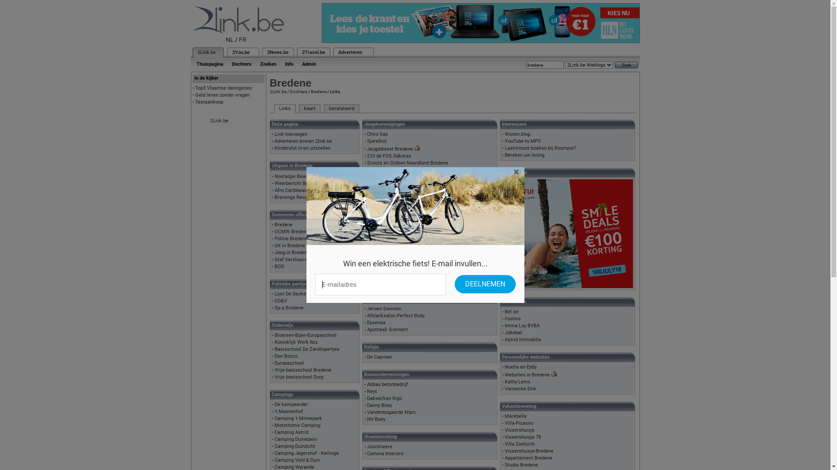  What do you see at coordinates (301, 238) in the screenshot?
I see `'Politie Bredene-De Haan'` at bounding box center [301, 238].